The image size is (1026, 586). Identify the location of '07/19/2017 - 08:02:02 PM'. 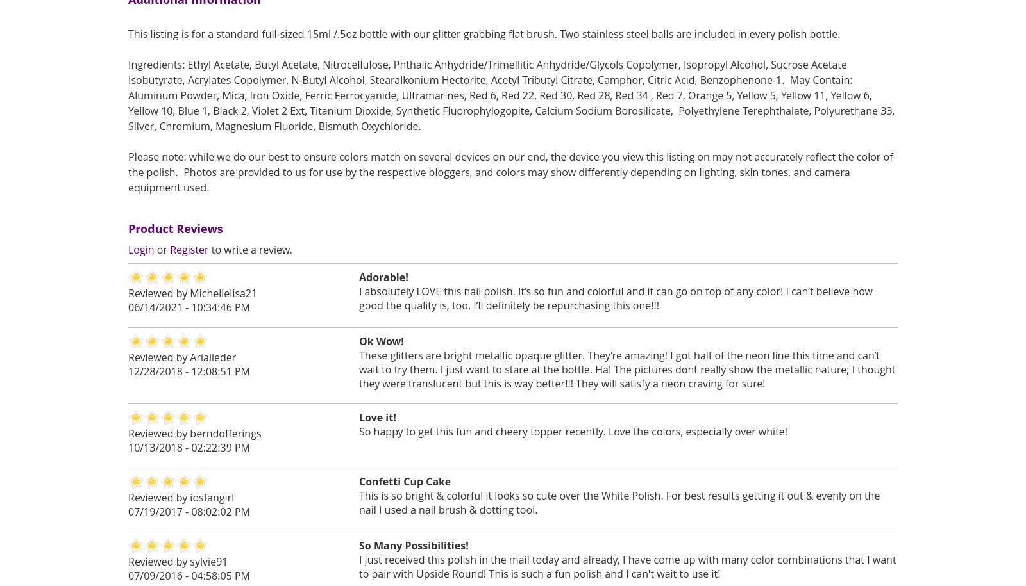
(189, 510).